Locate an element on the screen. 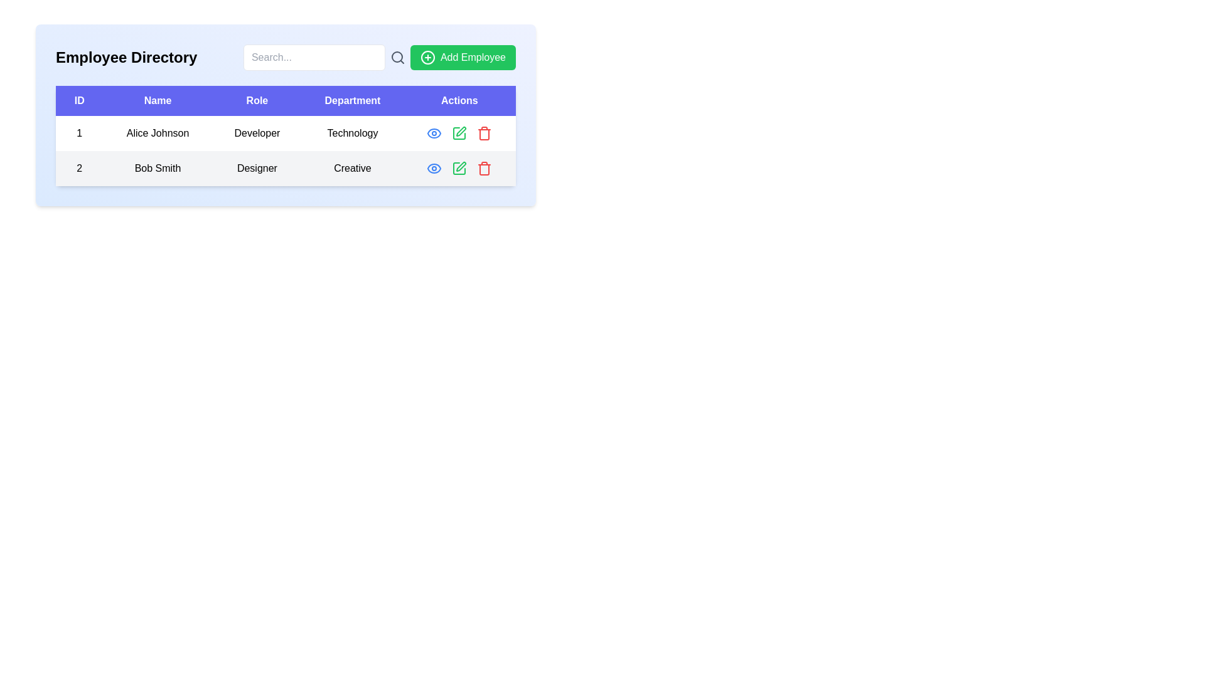 The width and height of the screenshot is (1205, 677). the table row containing employee information for ID '2', name 'Bob Smith', role 'Designer', department 'Creative' is located at coordinates (285, 168).